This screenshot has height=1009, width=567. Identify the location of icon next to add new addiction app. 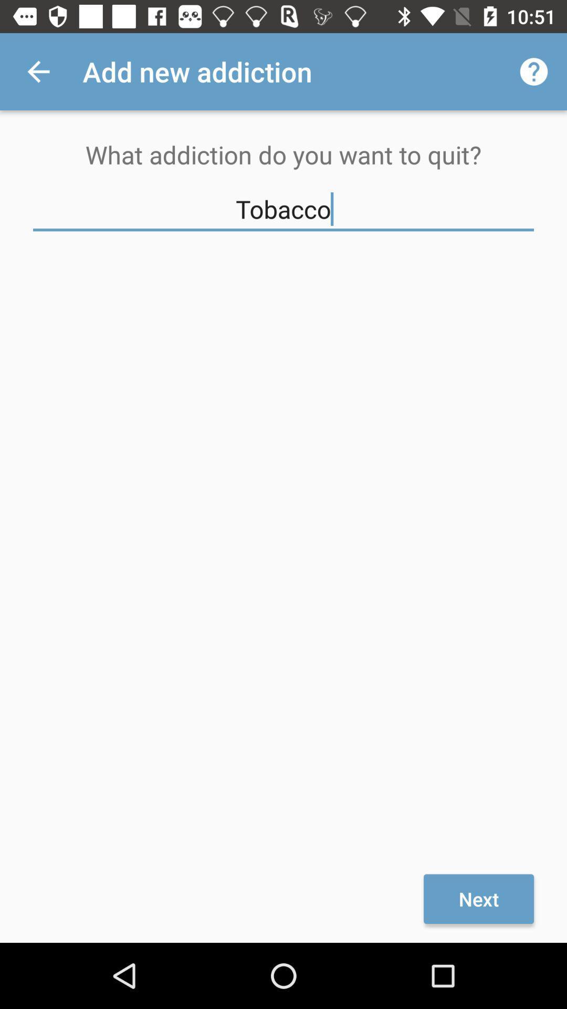
(534, 71).